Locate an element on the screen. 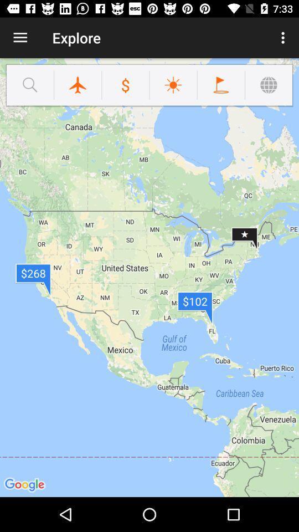 The width and height of the screenshot is (299, 532). the item to the right of explore icon is located at coordinates (284, 38).